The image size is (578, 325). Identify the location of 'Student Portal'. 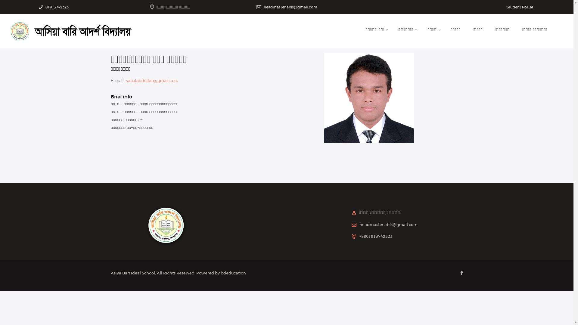
(519, 7).